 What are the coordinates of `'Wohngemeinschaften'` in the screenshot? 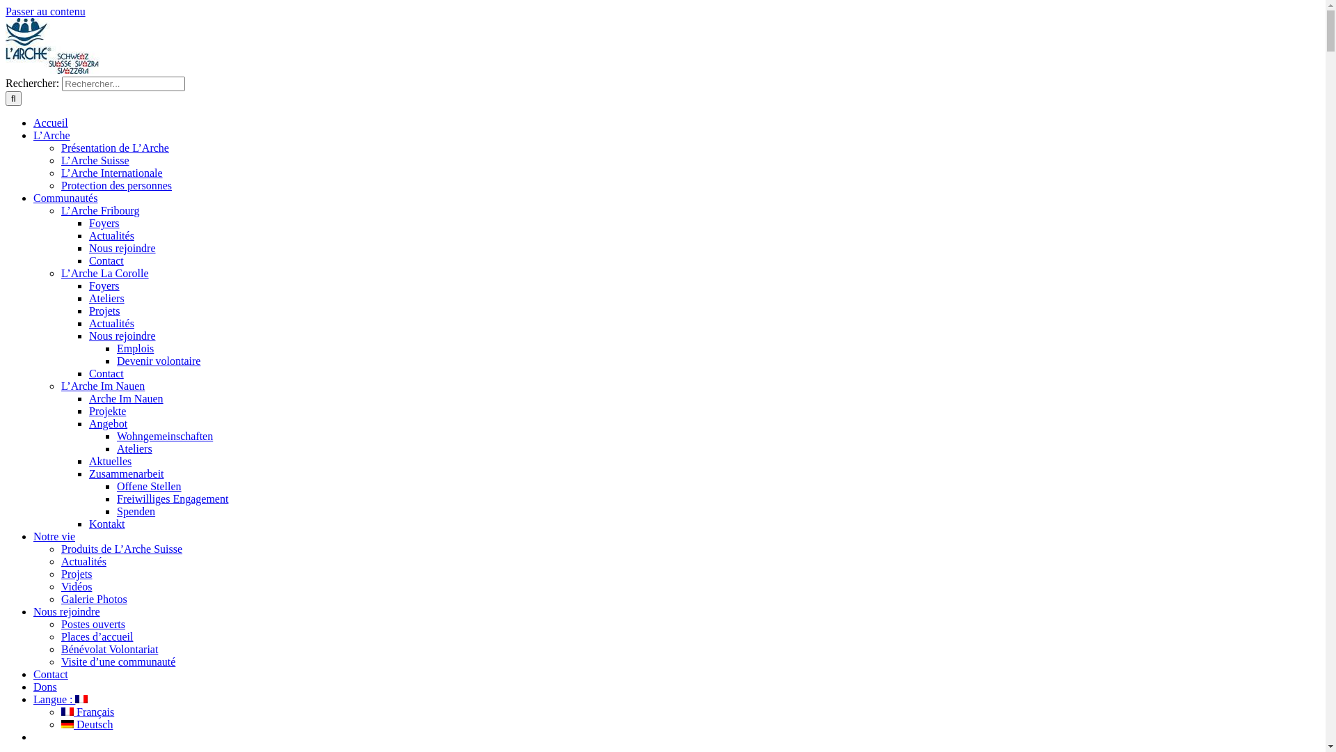 It's located at (164, 435).